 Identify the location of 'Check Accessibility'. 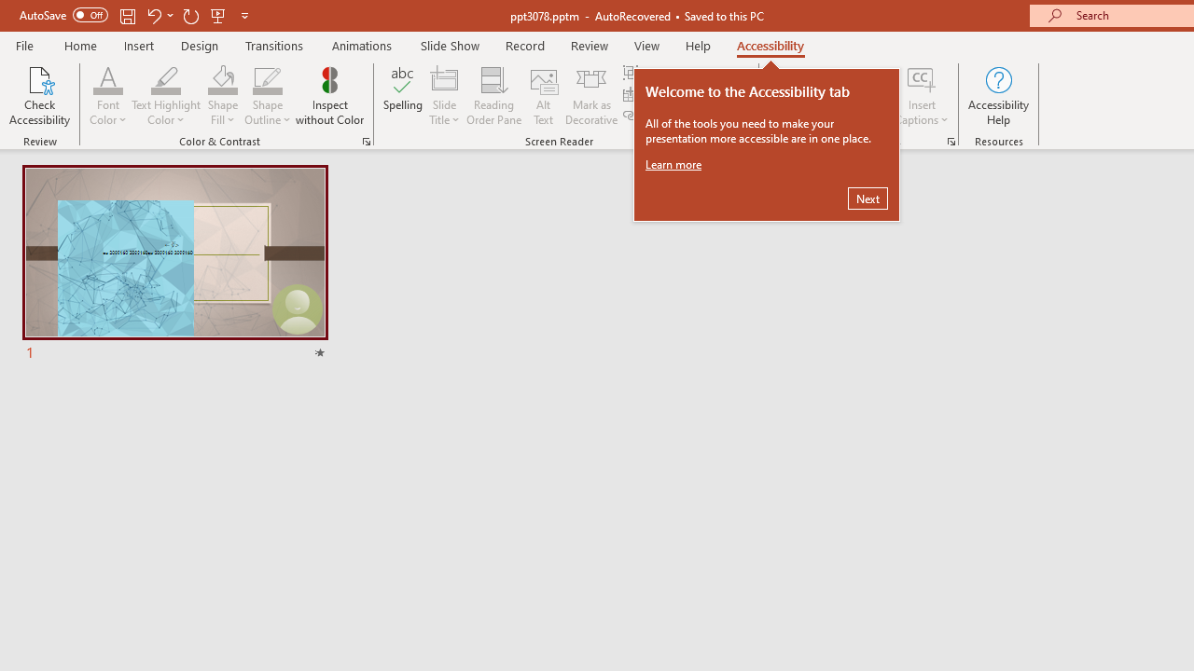
(39, 96).